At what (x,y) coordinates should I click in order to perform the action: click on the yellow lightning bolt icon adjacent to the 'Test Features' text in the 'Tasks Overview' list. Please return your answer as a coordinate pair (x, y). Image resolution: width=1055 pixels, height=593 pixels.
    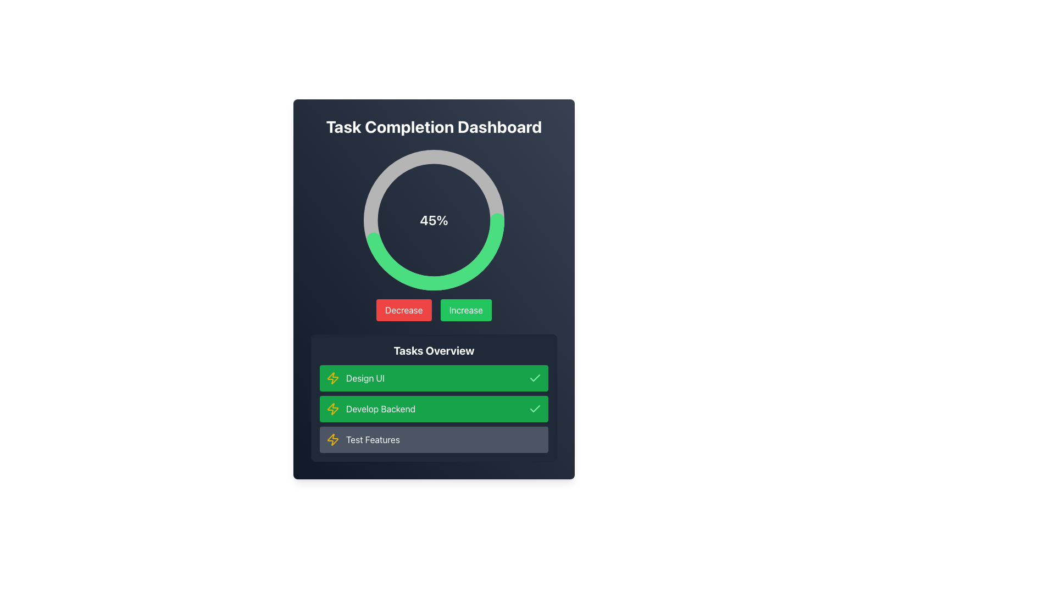
    Looking at the image, I should click on (332, 439).